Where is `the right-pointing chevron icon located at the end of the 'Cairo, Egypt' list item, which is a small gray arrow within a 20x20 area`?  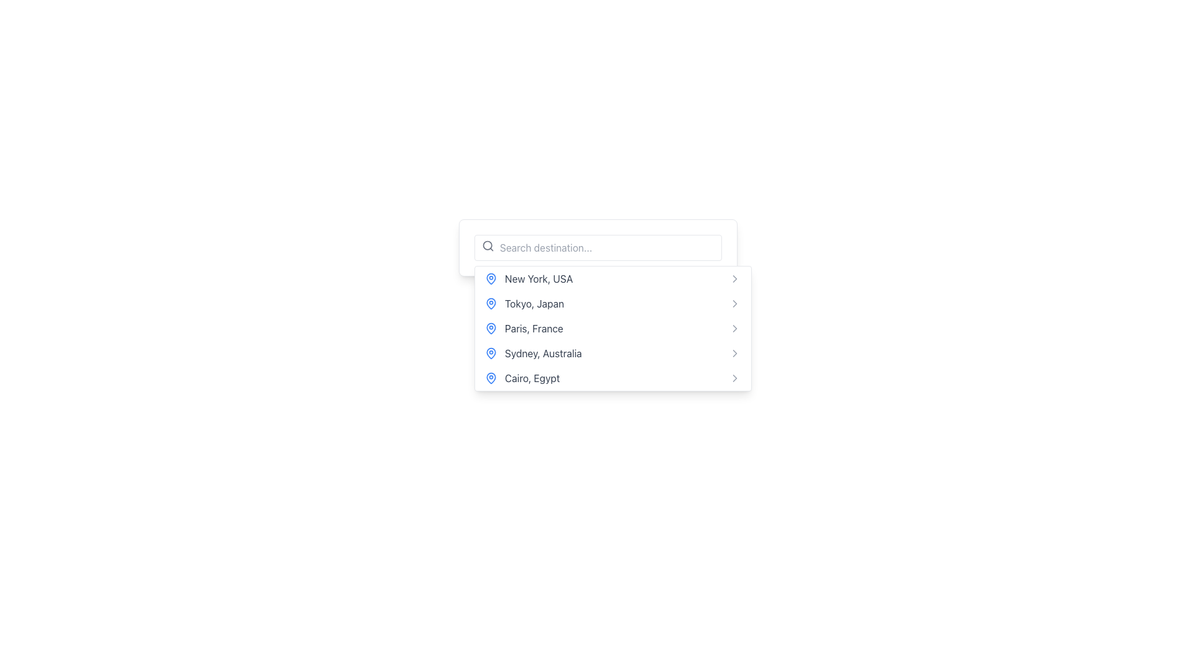 the right-pointing chevron icon located at the end of the 'Cairo, Egypt' list item, which is a small gray arrow within a 20x20 area is located at coordinates (734, 378).